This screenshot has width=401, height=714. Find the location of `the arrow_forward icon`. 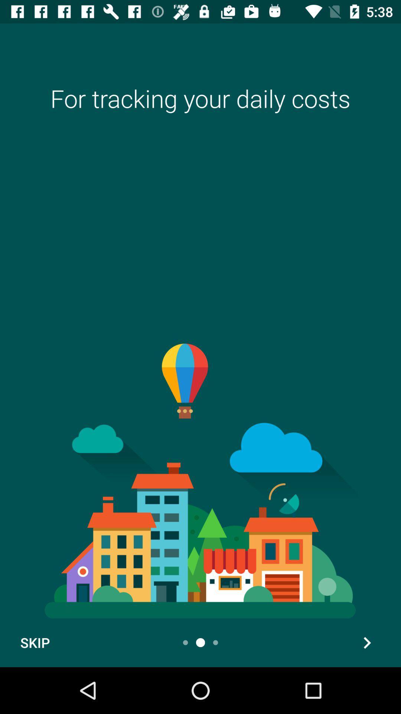

the arrow_forward icon is located at coordinates (366, 642).